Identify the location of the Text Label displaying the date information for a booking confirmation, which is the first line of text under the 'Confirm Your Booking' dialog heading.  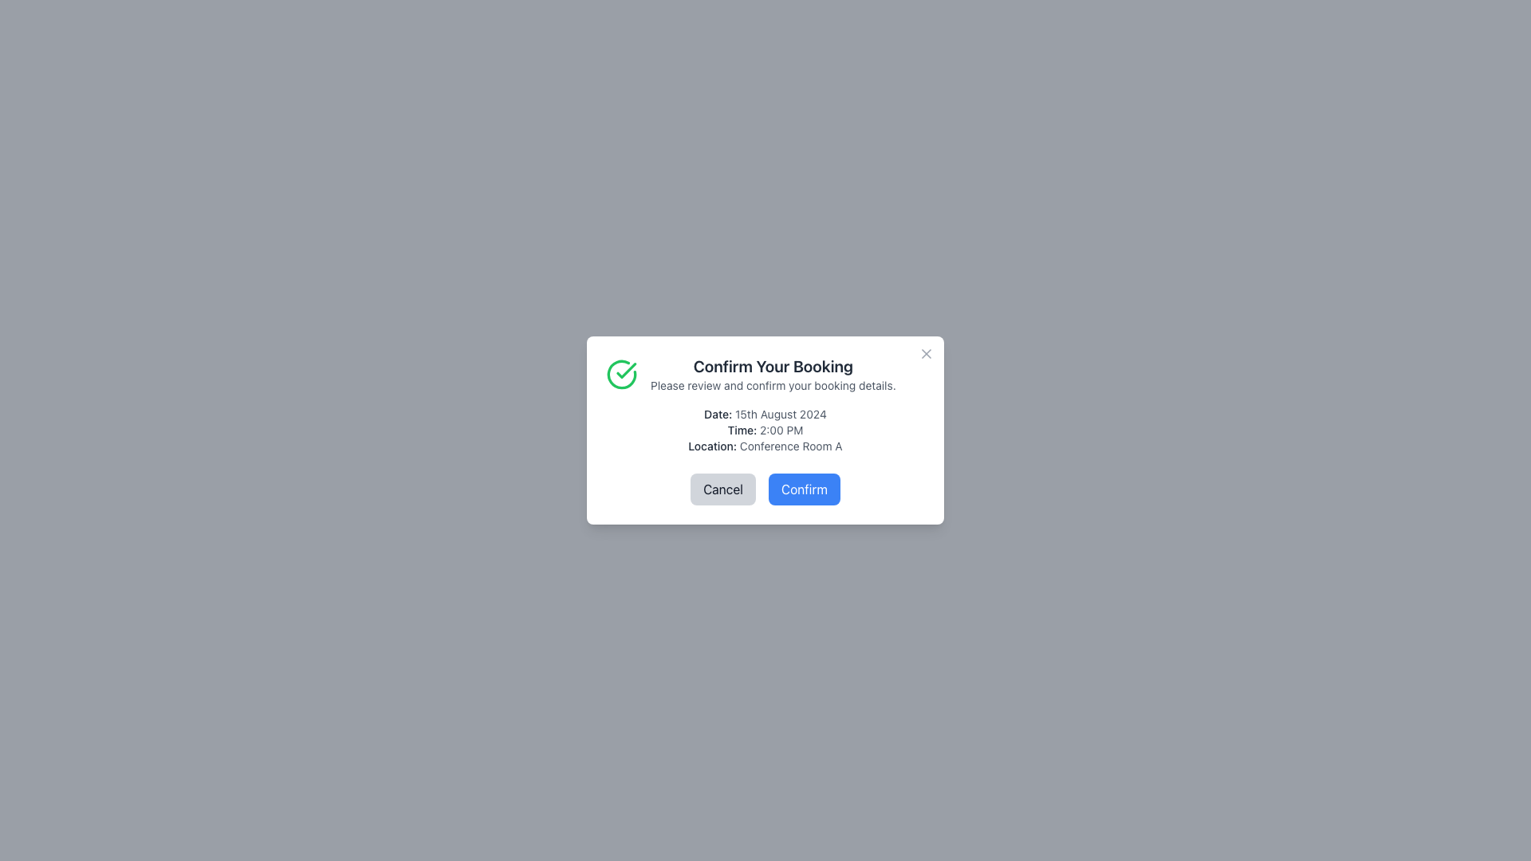
(765, 414).